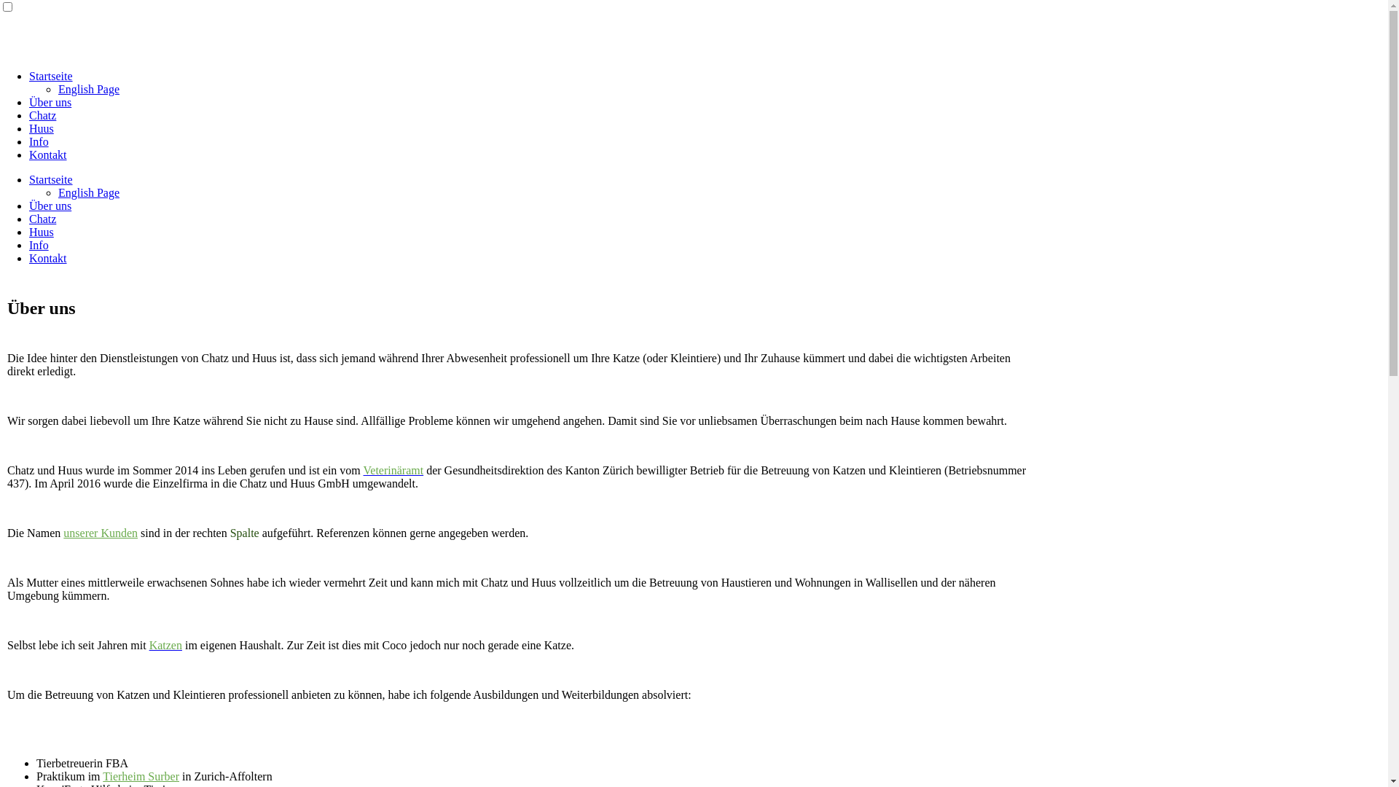 The image size is (1399, 787). What do you see at coordinates (141, 775) in the screenshot?
I see `'Tierheim Surber'` at bounding box center [141, 775].